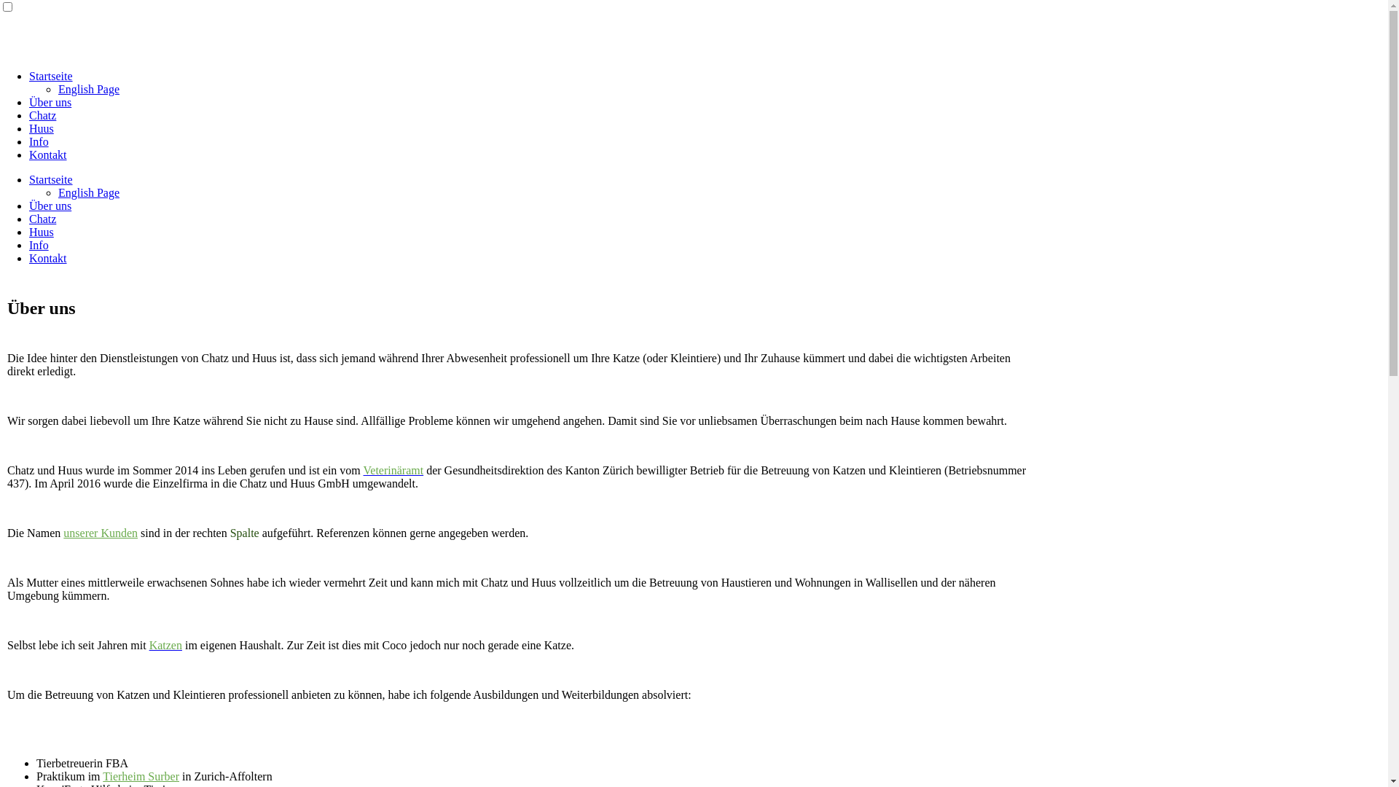 The image size is (1399, 787). What do you see at coordinates (141, 775) in the screenshot?
I see `'Tierheim Surber'` at bounding box center [141, 775].